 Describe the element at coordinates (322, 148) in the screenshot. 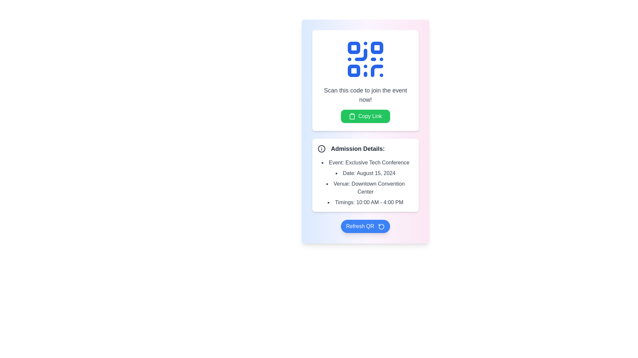

I see `the informational icon located to the immediate left of the text 'Admission Details:', which indicates that further details are available in that section` at that location.